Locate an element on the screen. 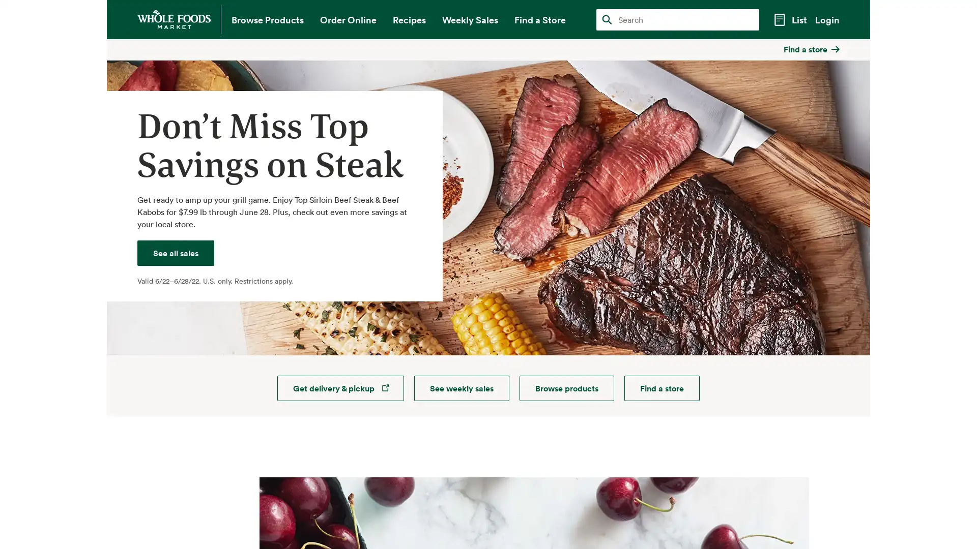  List is located at coordinates (789, 21).